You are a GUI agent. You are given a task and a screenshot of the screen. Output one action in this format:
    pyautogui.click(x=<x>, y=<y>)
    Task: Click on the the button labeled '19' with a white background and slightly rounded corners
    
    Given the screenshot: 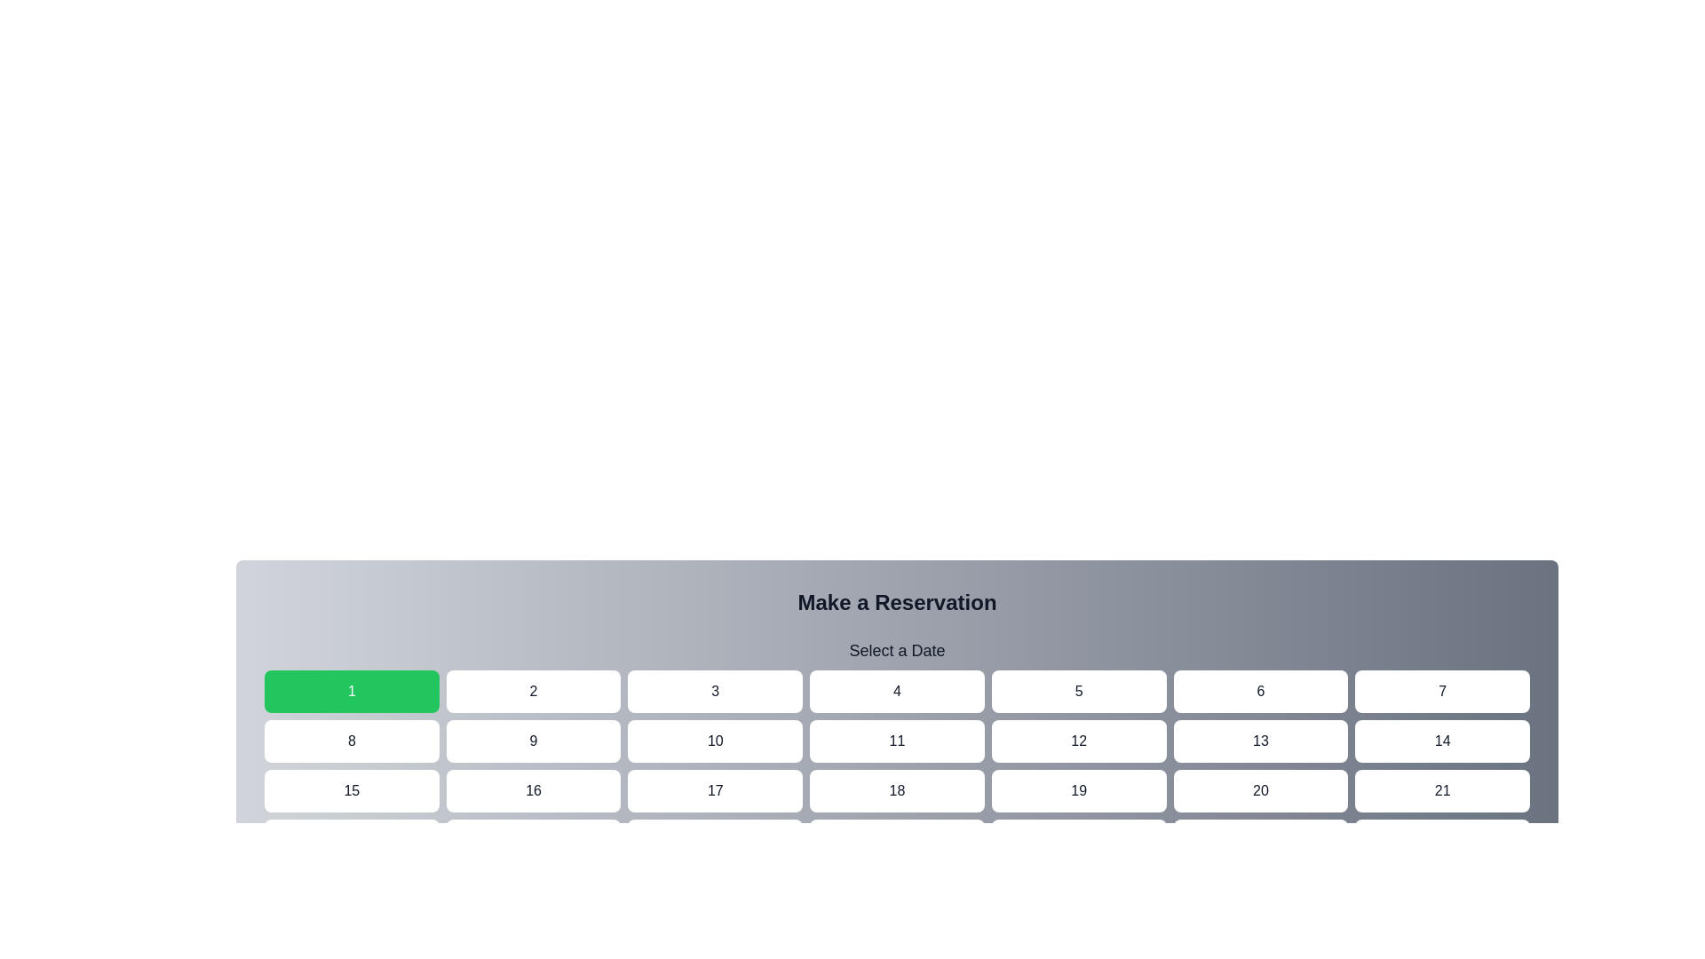 What is the action you would take?
    pyautogui.click(x=1078, y=790)
    